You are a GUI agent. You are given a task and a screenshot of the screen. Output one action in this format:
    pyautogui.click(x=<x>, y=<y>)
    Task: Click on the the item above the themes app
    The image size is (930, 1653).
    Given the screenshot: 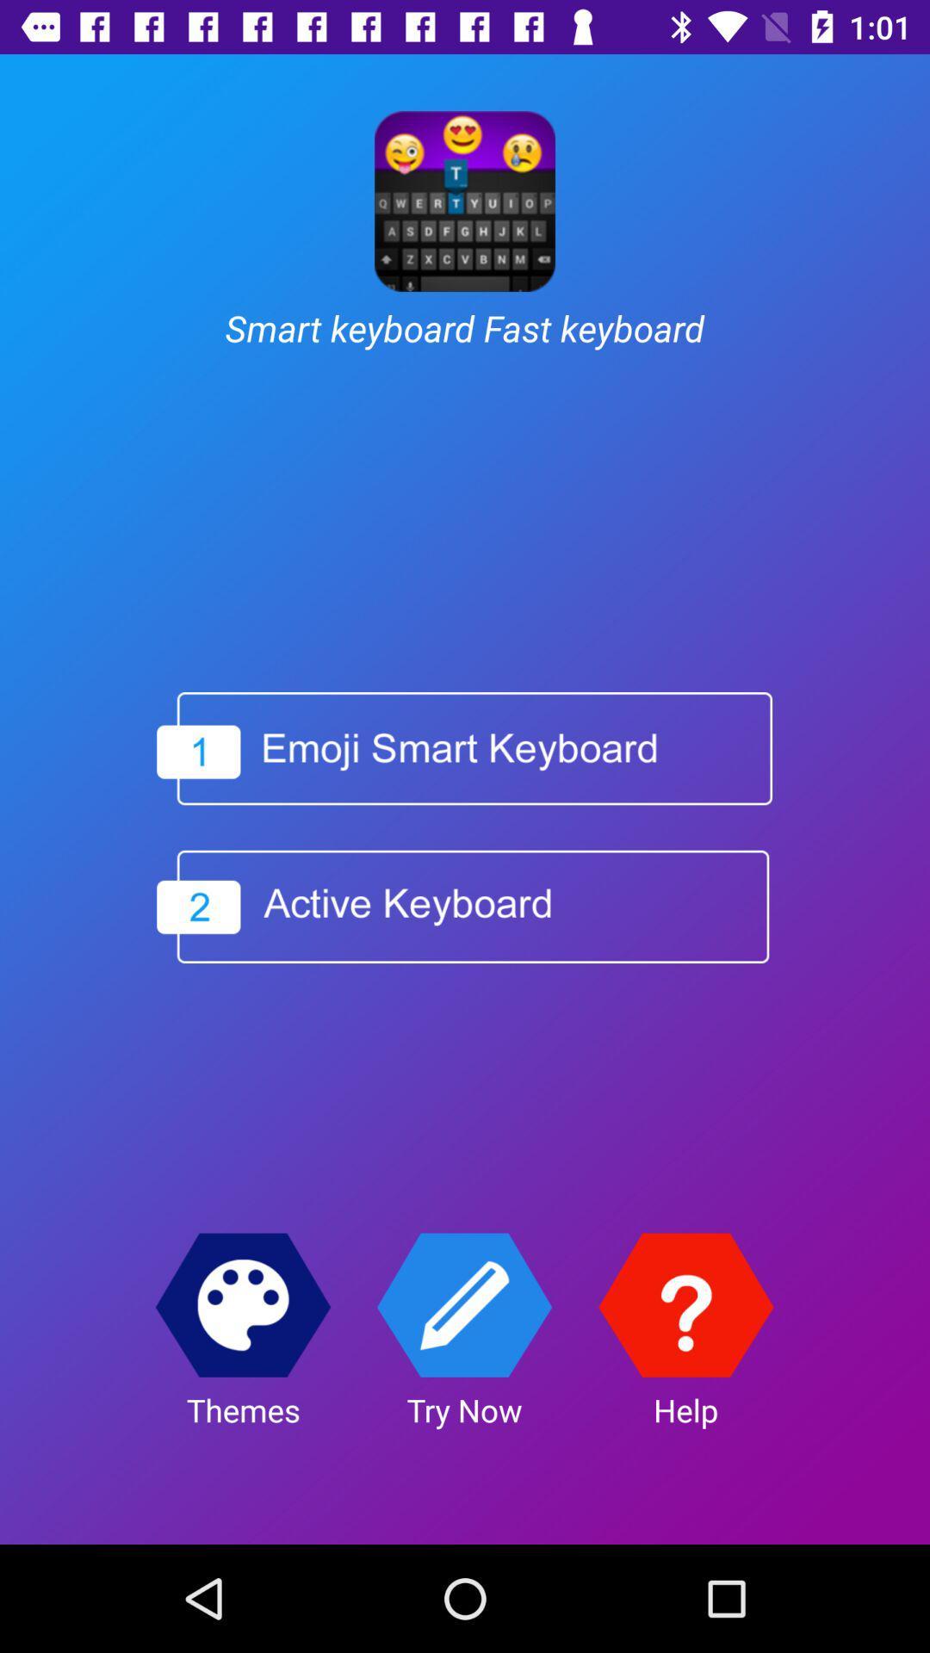 What is the action you would take?
    pyautogui.click(x=243, y=1305)
    